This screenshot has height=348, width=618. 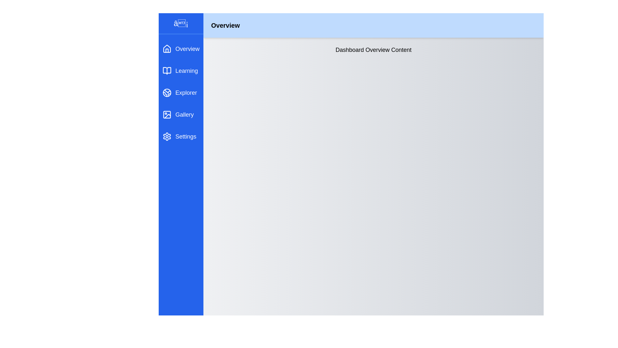 I want to click on the small open book icon in the sidebar navigation menu, so click(x=167, y=71).